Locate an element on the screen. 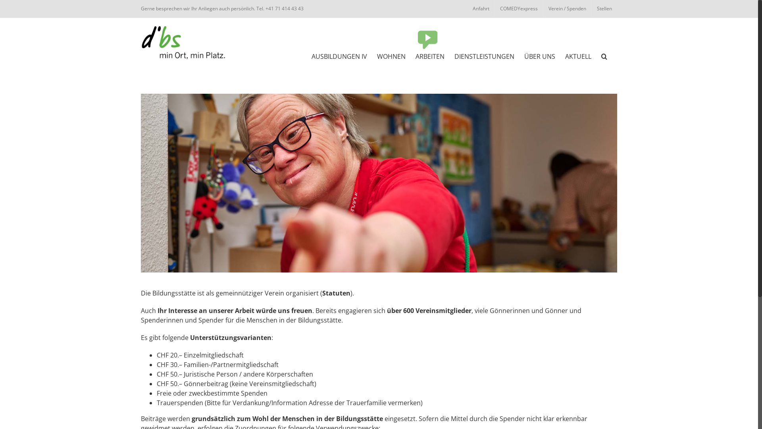 The image size is (762, 429). 'Verein / Spenden' is located at coordinates (567, 9).